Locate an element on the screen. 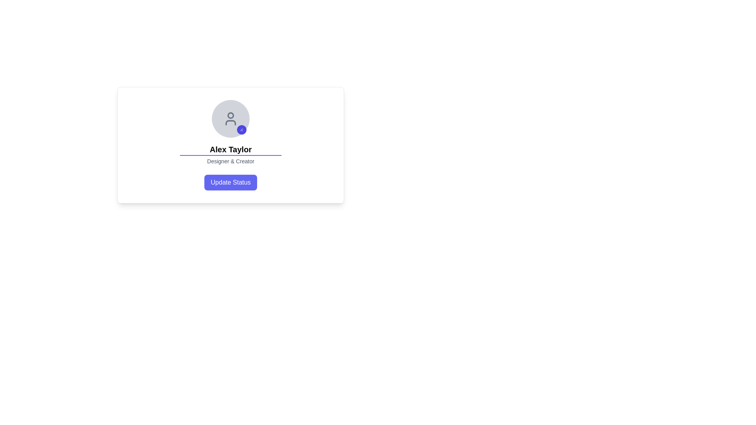 Image resolution: width=756 pixels, height=425 pixels. the text label that displays 'Designer & Creator' which is located below 'Alex Taylor' and above the 'Update Status' button is located at coordinates (230, 161).